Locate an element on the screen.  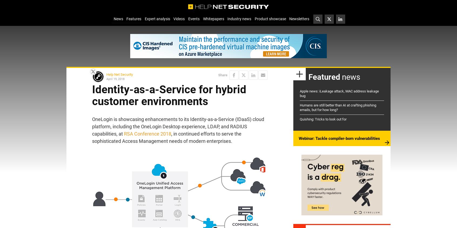
'Newsletters' is located at coordinates (299, 18).